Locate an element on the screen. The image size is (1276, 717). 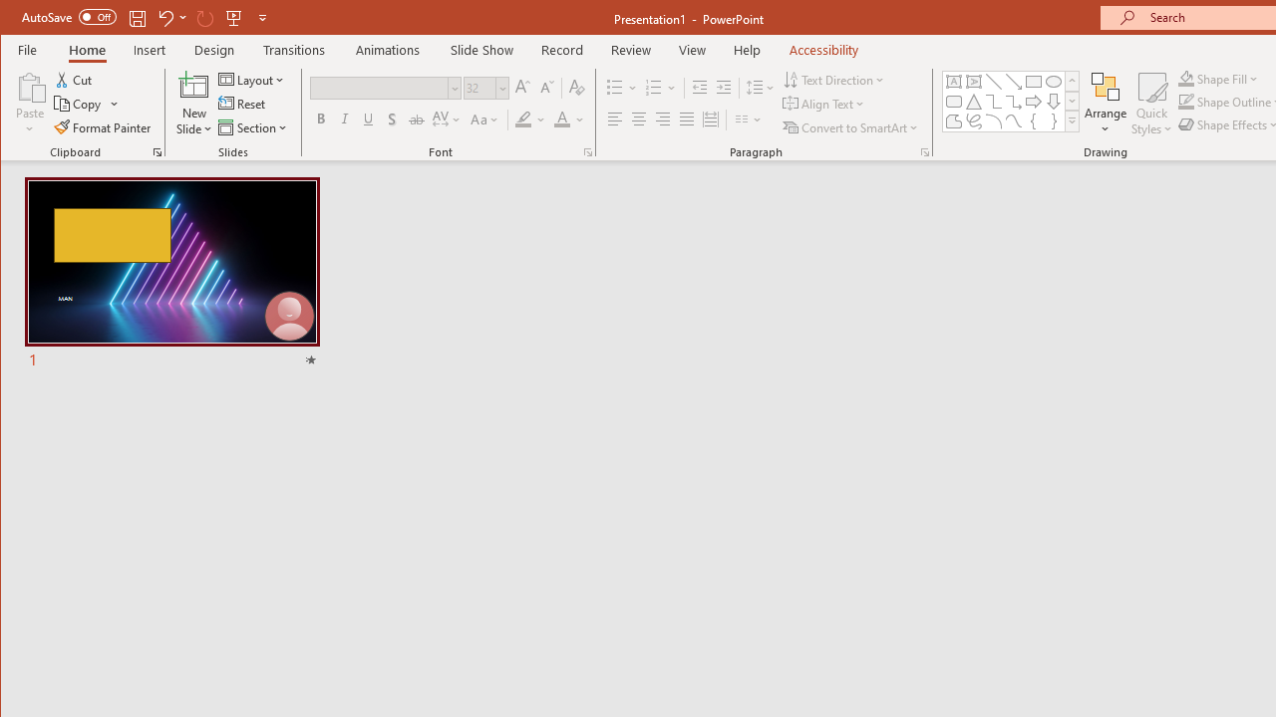
'Vertical Text Box' is located at coordinates (973, 81).